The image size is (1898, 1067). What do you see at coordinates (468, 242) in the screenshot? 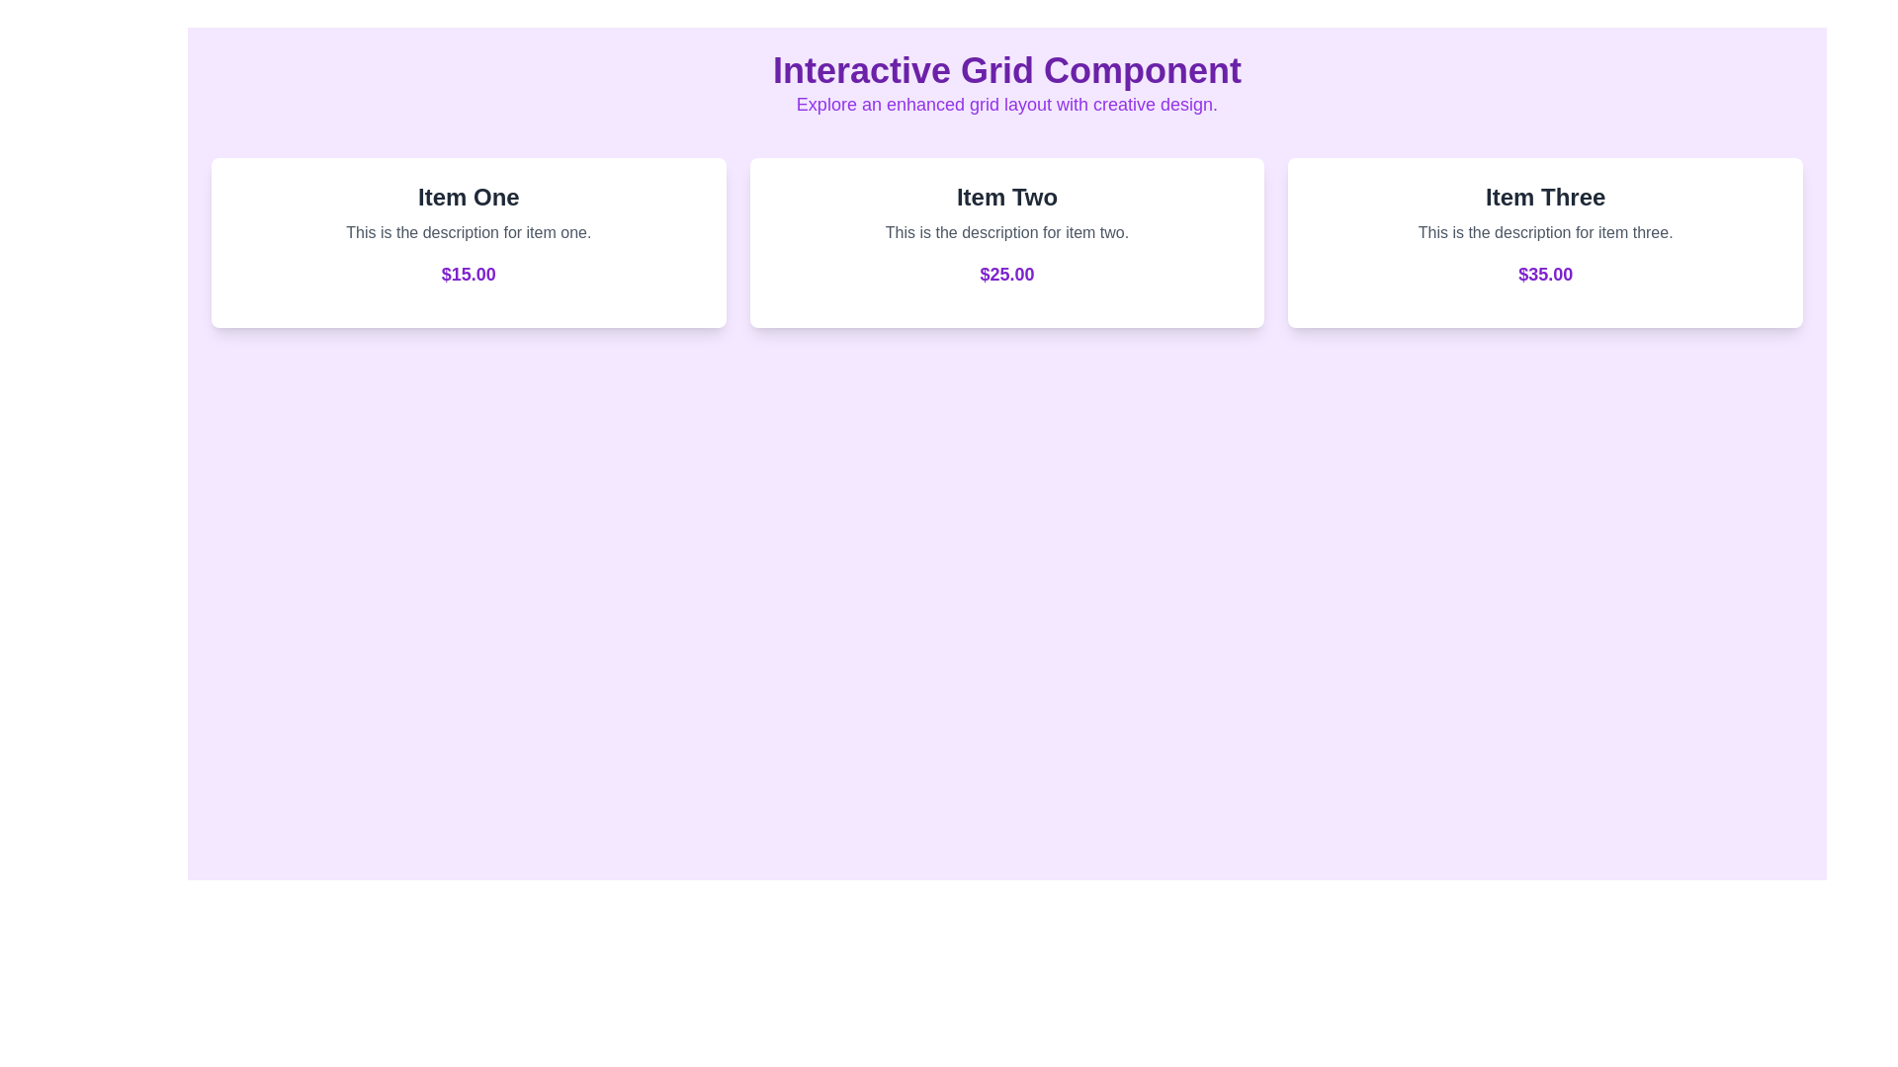
I see `text label displaying 'This is the description for item one.' located beneath the title 'Item One' in the leftmost card section` at bounding box center [468, 242].